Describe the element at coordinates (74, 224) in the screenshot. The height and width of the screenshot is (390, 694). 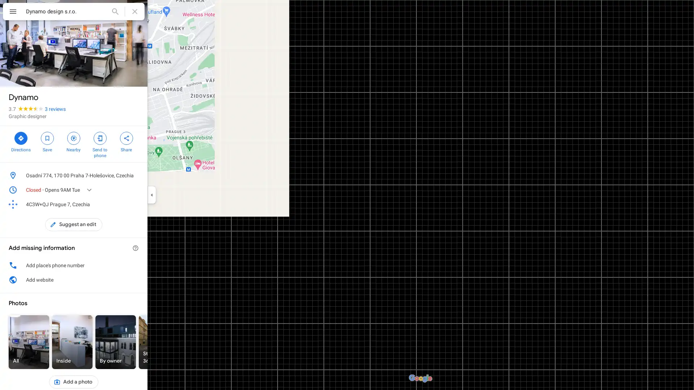
I see `Suggest an edit` at that location.